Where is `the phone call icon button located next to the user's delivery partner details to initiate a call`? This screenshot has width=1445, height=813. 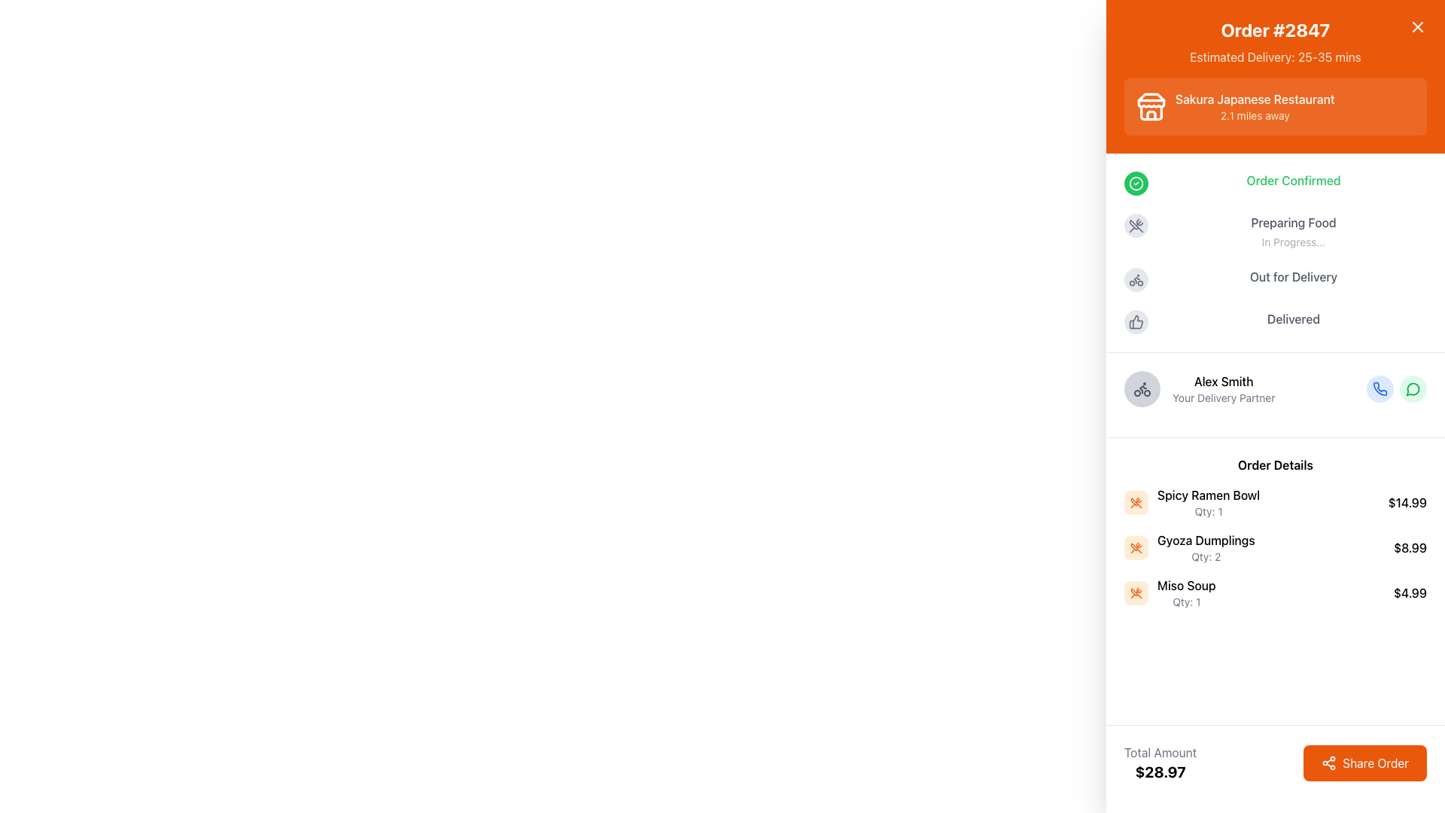
the phone call icon button located next to the user's delivery partner details to initiate a call is located at coordinates (1380, 388).